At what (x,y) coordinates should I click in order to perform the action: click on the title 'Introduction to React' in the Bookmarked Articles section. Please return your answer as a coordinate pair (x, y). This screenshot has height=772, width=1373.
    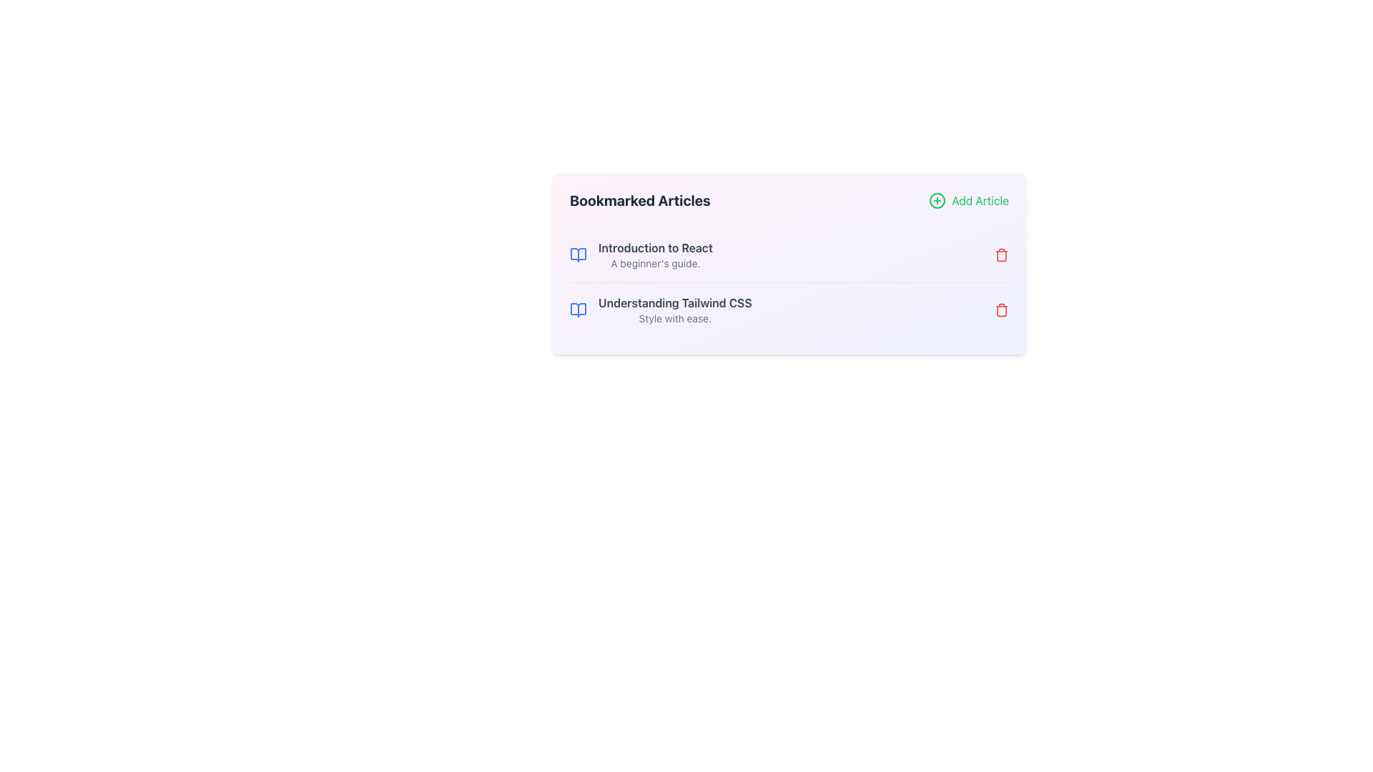
    Looking at the image, I should click on (640, 254).